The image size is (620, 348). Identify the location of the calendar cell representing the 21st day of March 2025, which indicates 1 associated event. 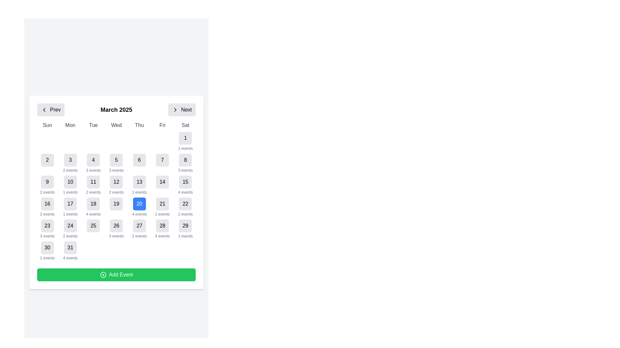
(162, 207).